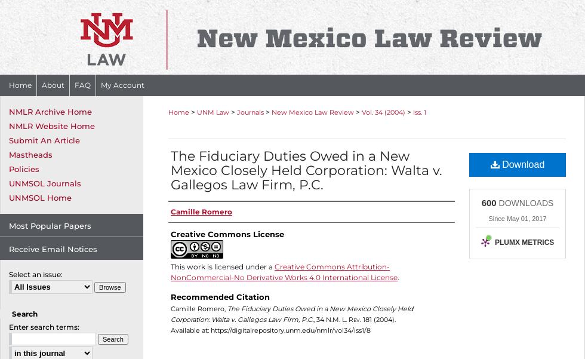 The width and height of the screenshot is (585, 359). Describe the element at coordinates (383, 111) in the screenshot. I see `'Vol. 34 (2004)'` at that location.